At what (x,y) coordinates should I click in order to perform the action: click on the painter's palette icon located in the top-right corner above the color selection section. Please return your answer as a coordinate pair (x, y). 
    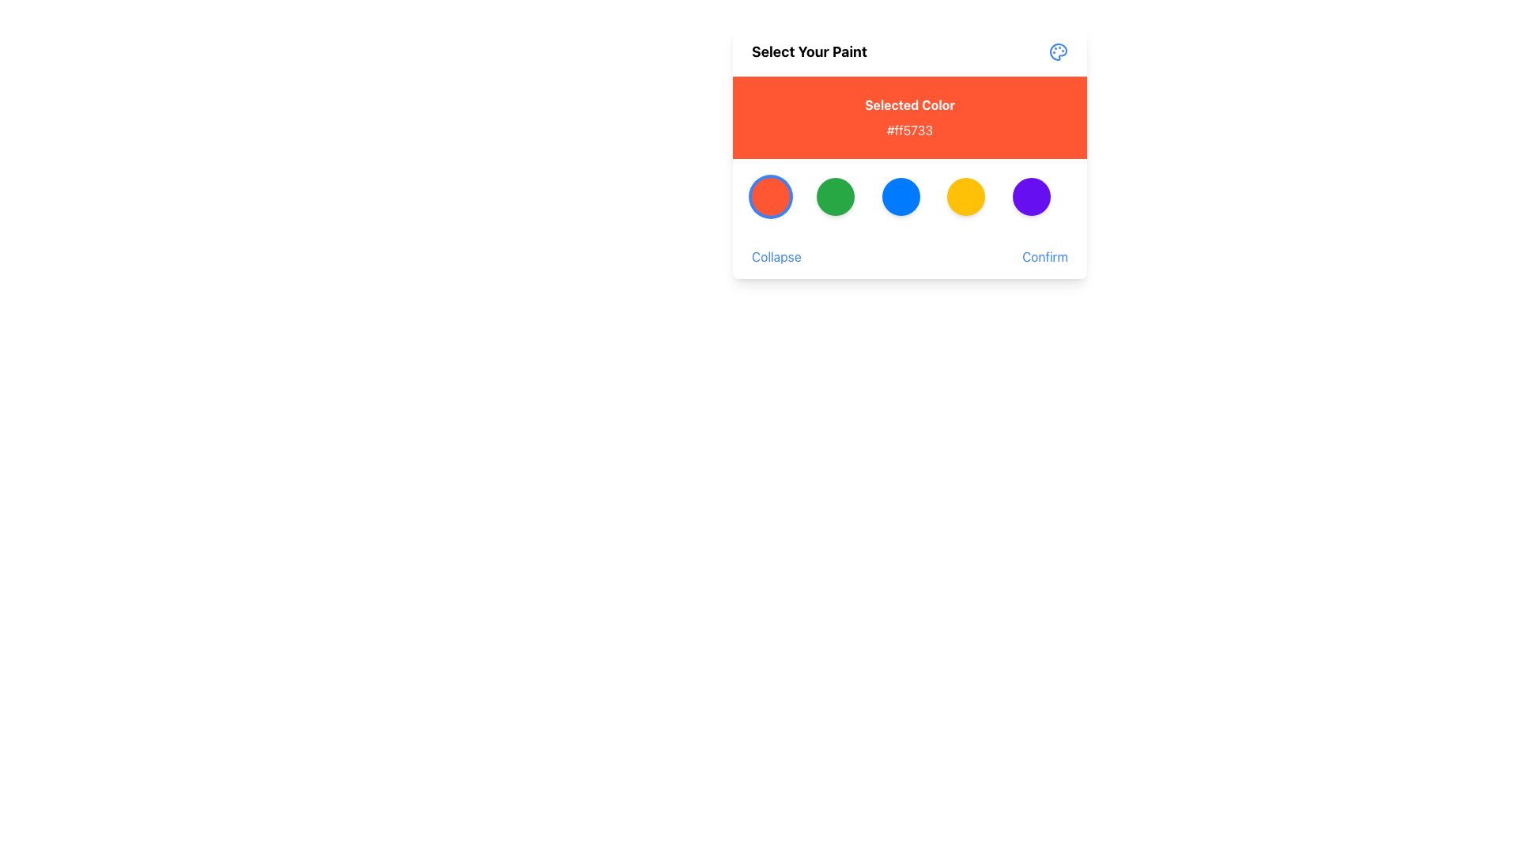
    Looking at the image, I should click on (1059, 51).